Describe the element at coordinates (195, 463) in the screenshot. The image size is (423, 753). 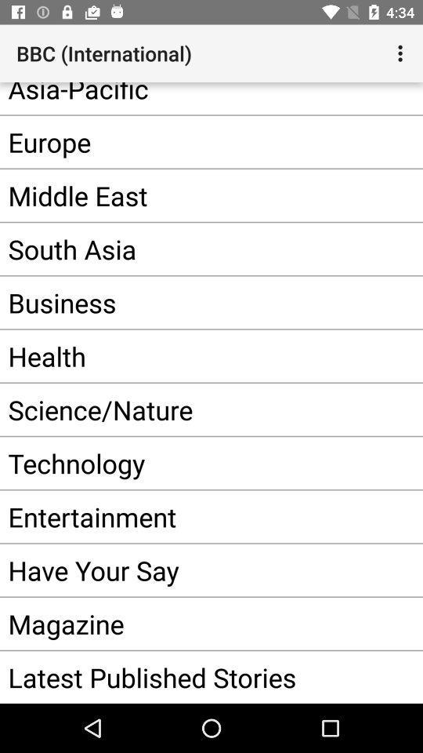
I see `item below the science/nature item` at that location.